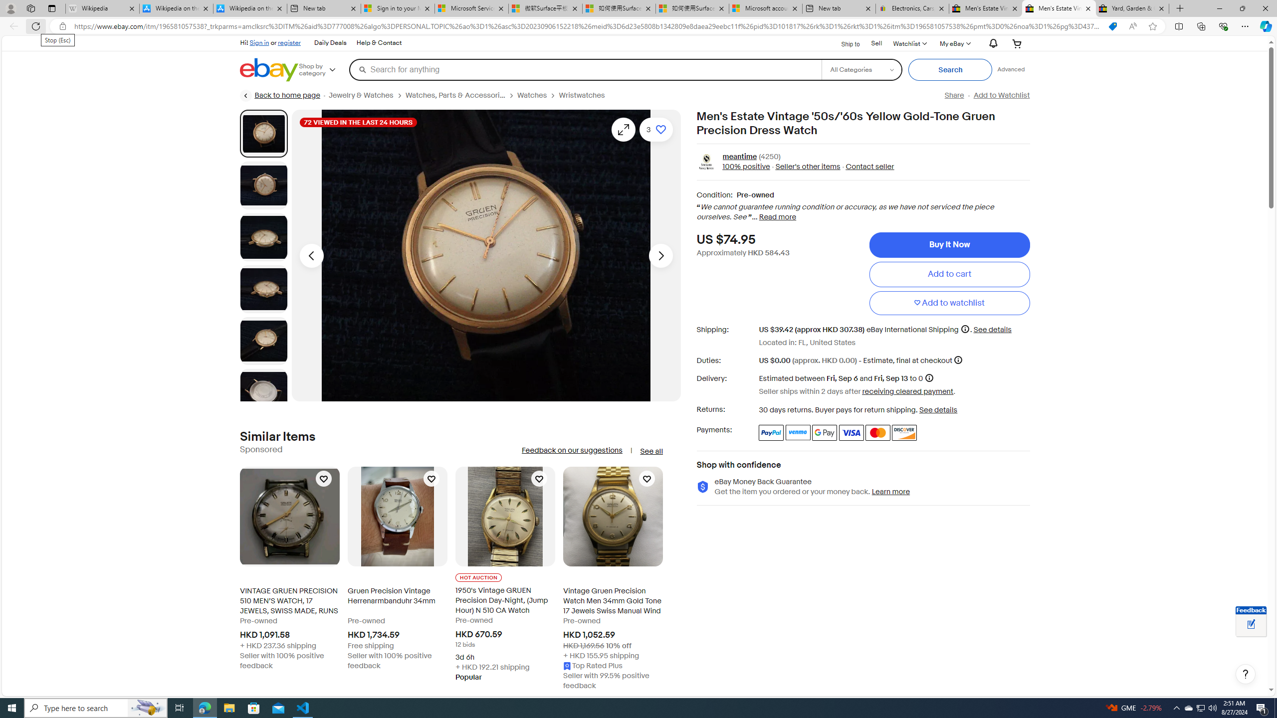 Image resolution: width=1277 pixels, height=718 pixels. What do you see at coordinates (1017, 43) in the screenshot?
I see `'Your shopping cart'` at bounding box center [1017, 43].